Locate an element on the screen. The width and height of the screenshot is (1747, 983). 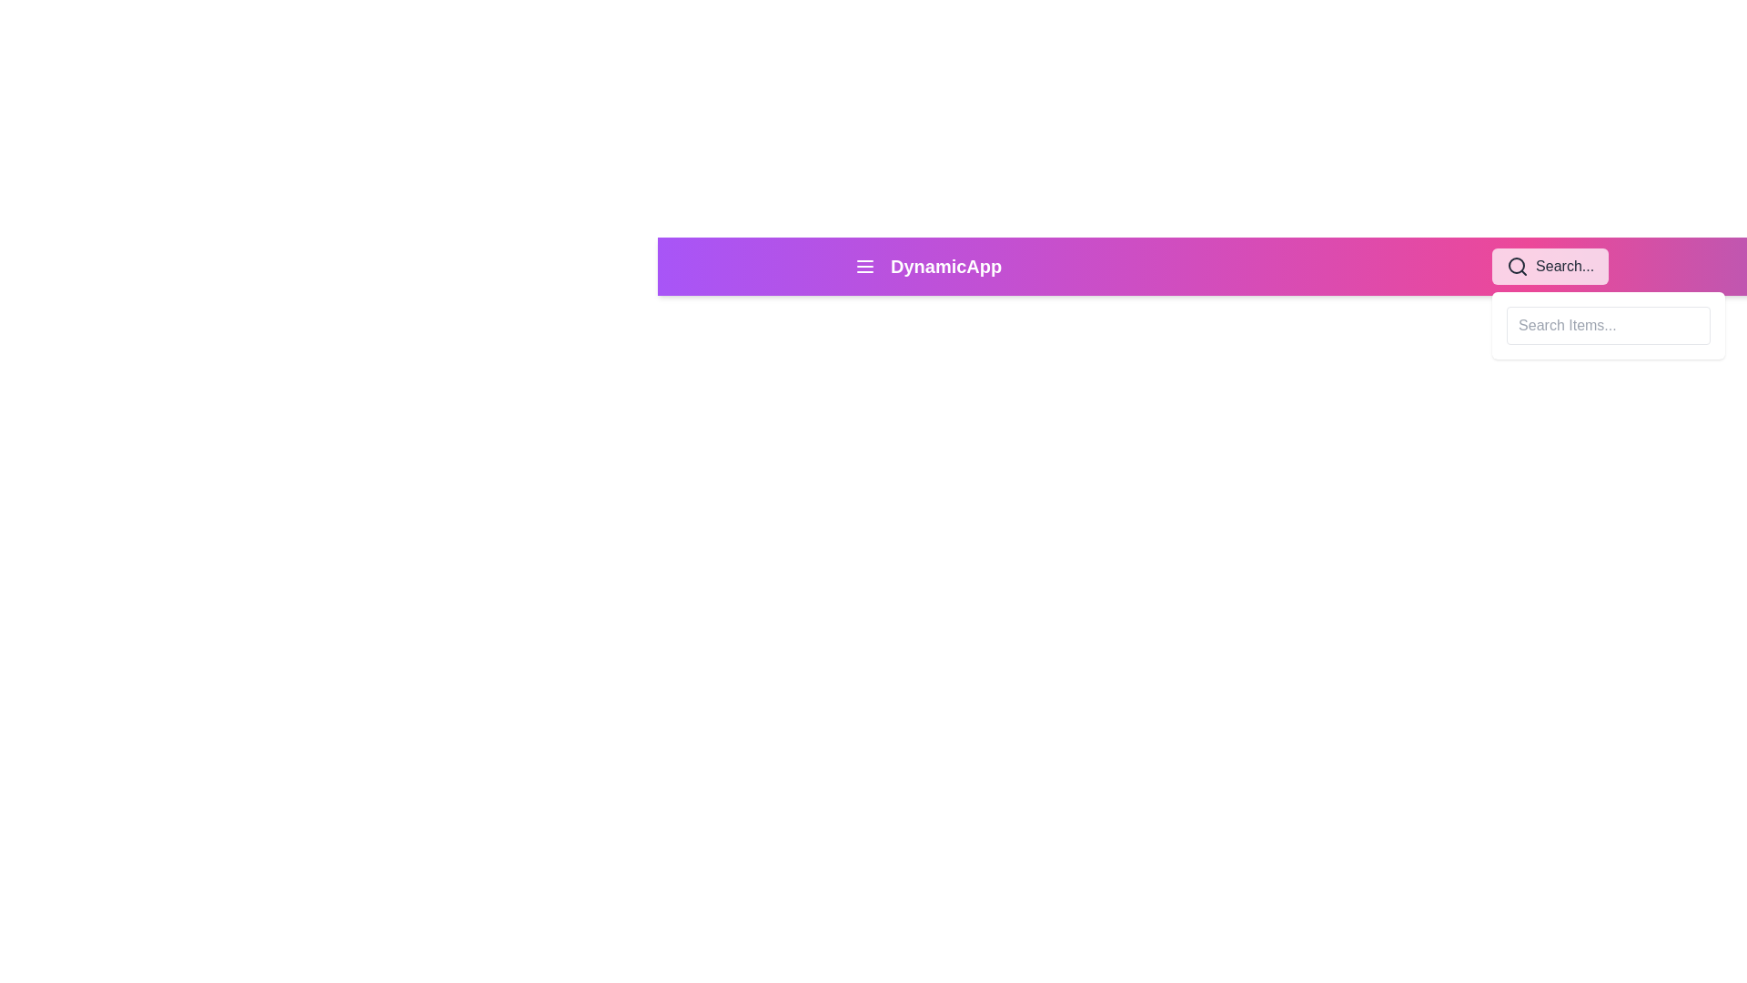
the magnifying glass icon located on the right side of the top navigation bar to initiate a search is located at coordinates (1518, 267).